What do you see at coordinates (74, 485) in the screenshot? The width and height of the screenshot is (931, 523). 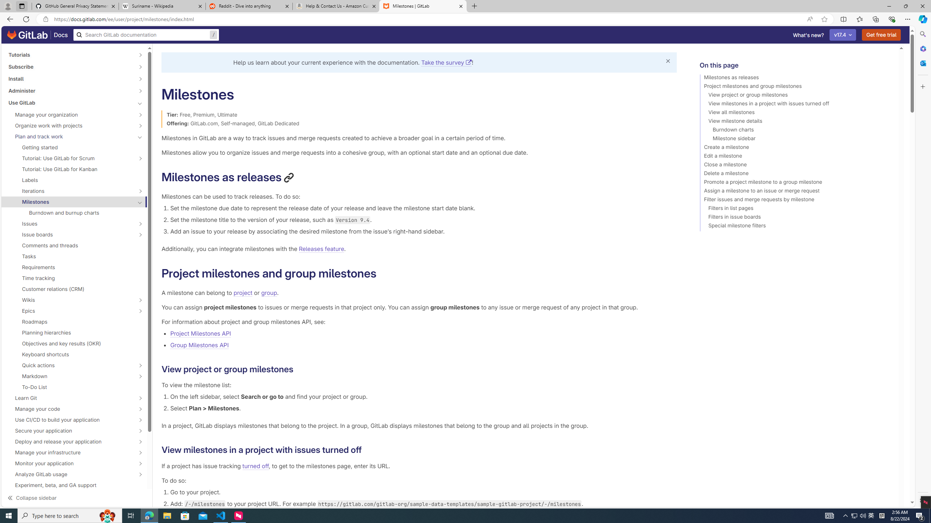 I see `'Experiment, beta, and GA support'` at bounding box center [74, 485].